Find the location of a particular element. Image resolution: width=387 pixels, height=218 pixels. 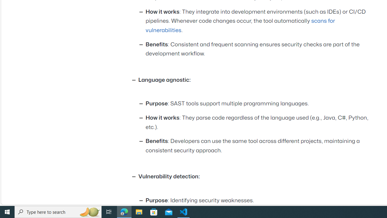

'Purpose: SAST tools support multiple programming languages.' is located at coordinates (259, 104).